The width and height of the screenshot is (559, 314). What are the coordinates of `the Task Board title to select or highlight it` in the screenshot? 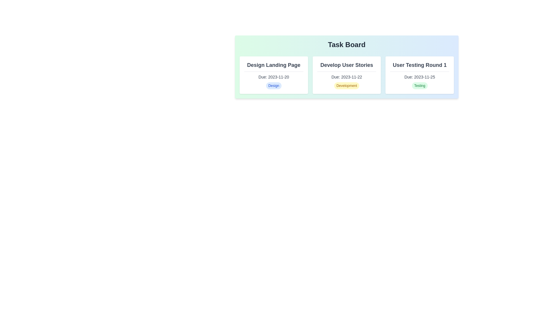 It's located at (346, 44).